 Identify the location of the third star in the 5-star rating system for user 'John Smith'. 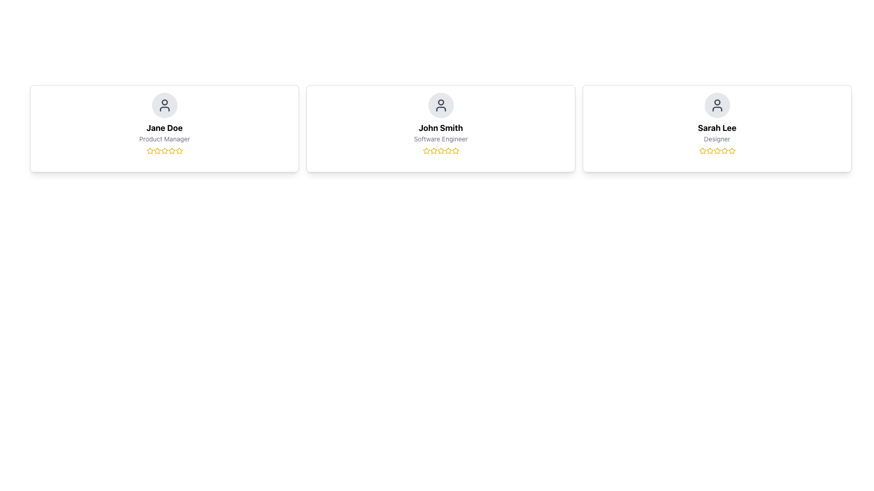
(441, 150).